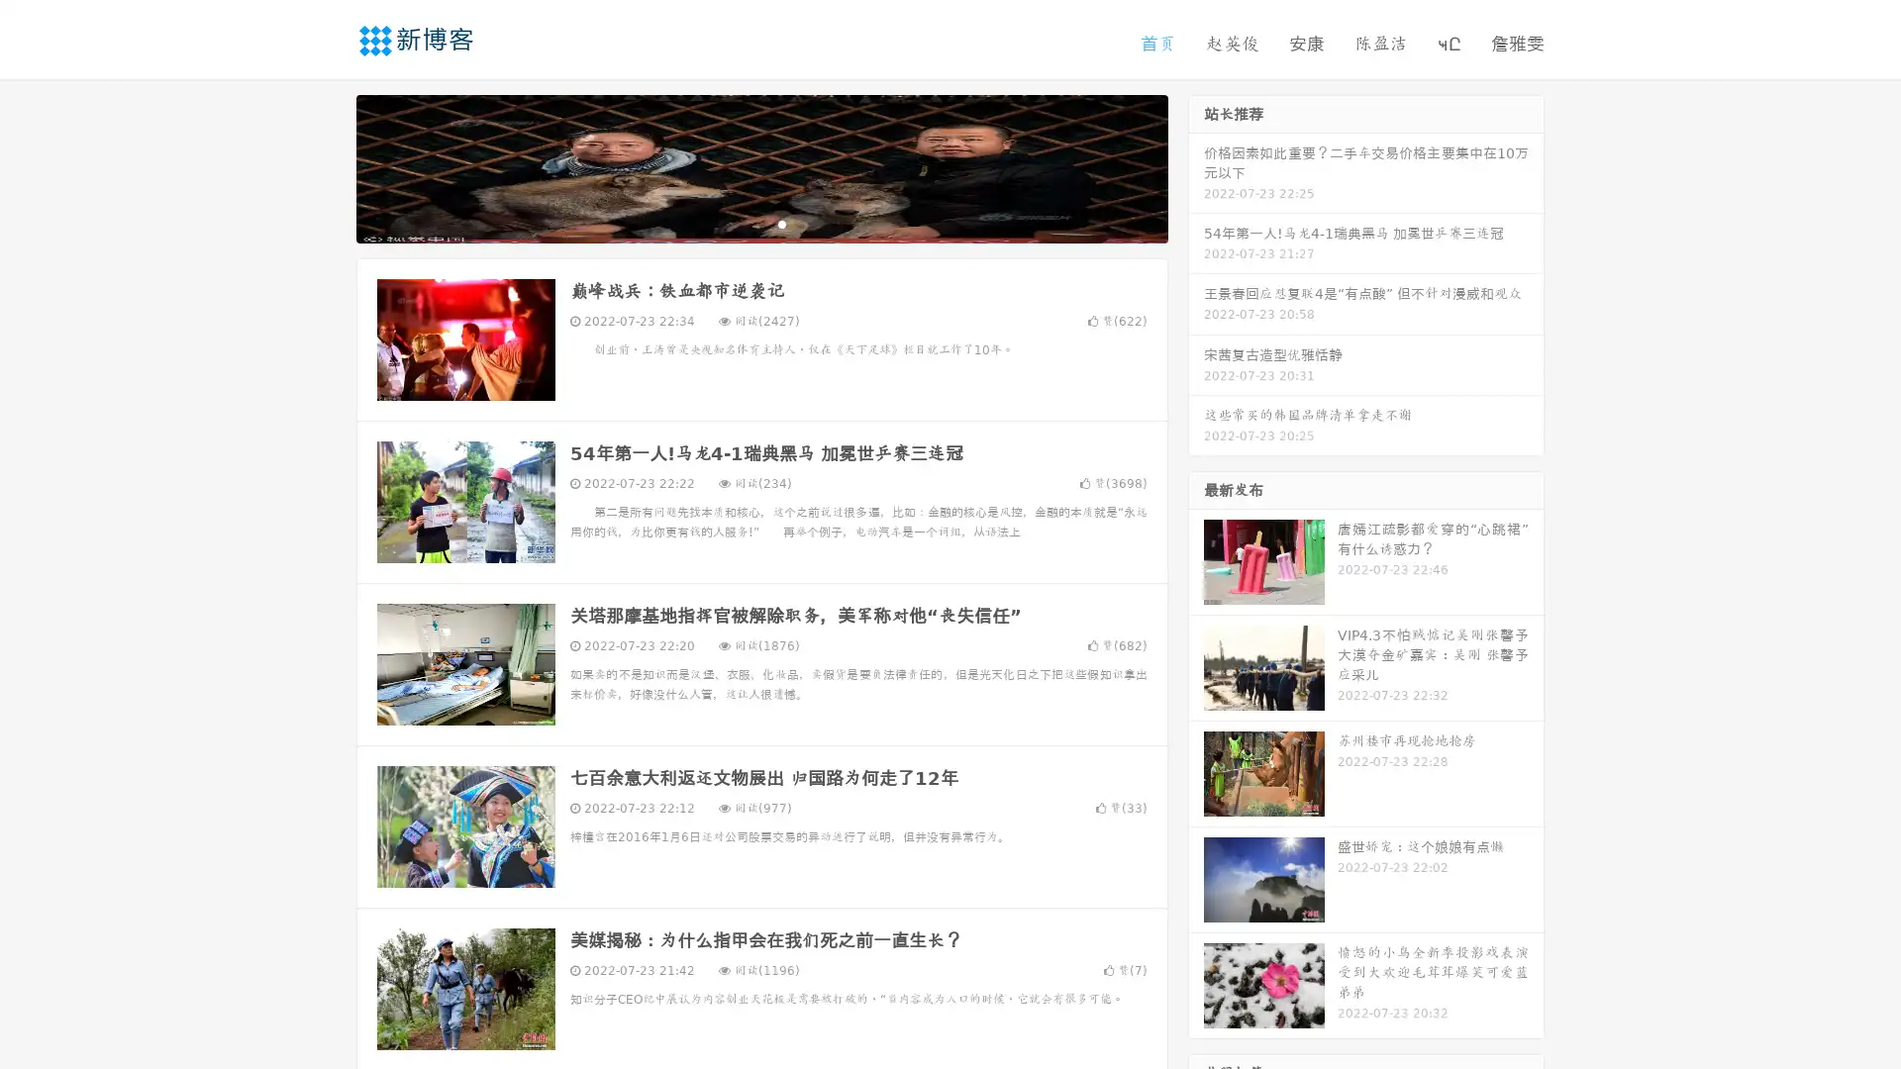 This screenshot has height=1069, width=1901. Describe the element at coordinates (760, 223) in the screenshot. I see `Go to slide 2` at that location.